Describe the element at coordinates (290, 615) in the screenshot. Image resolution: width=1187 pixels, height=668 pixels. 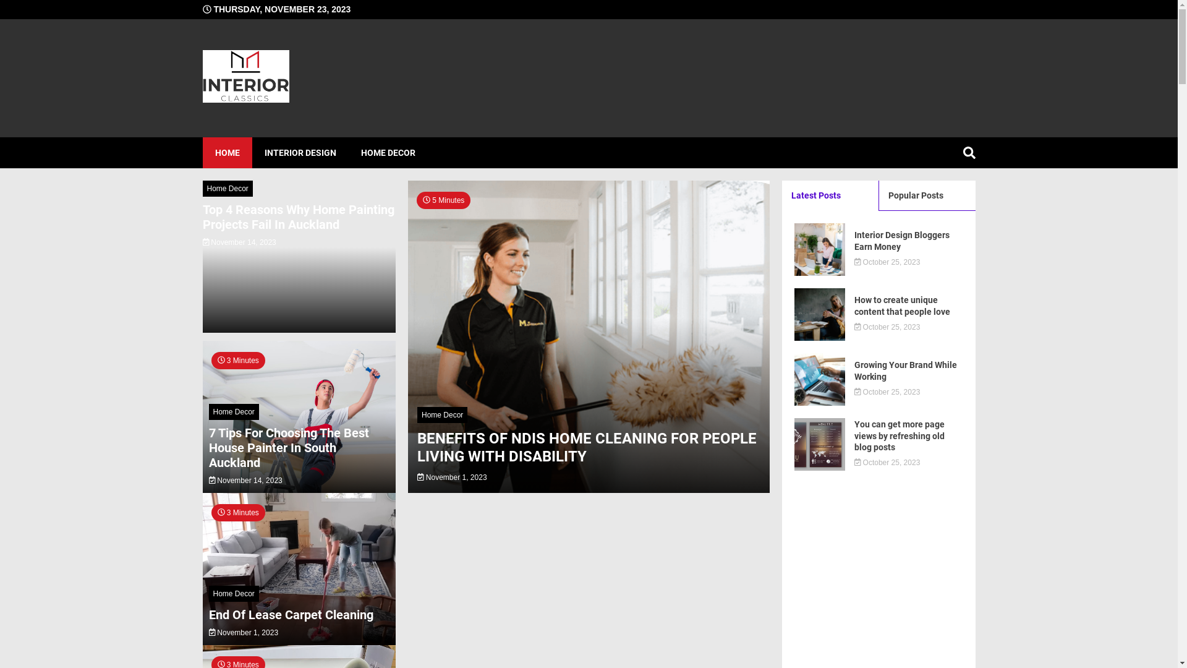
I see `'End Of Lease Carpet Cleaning'` at that location.